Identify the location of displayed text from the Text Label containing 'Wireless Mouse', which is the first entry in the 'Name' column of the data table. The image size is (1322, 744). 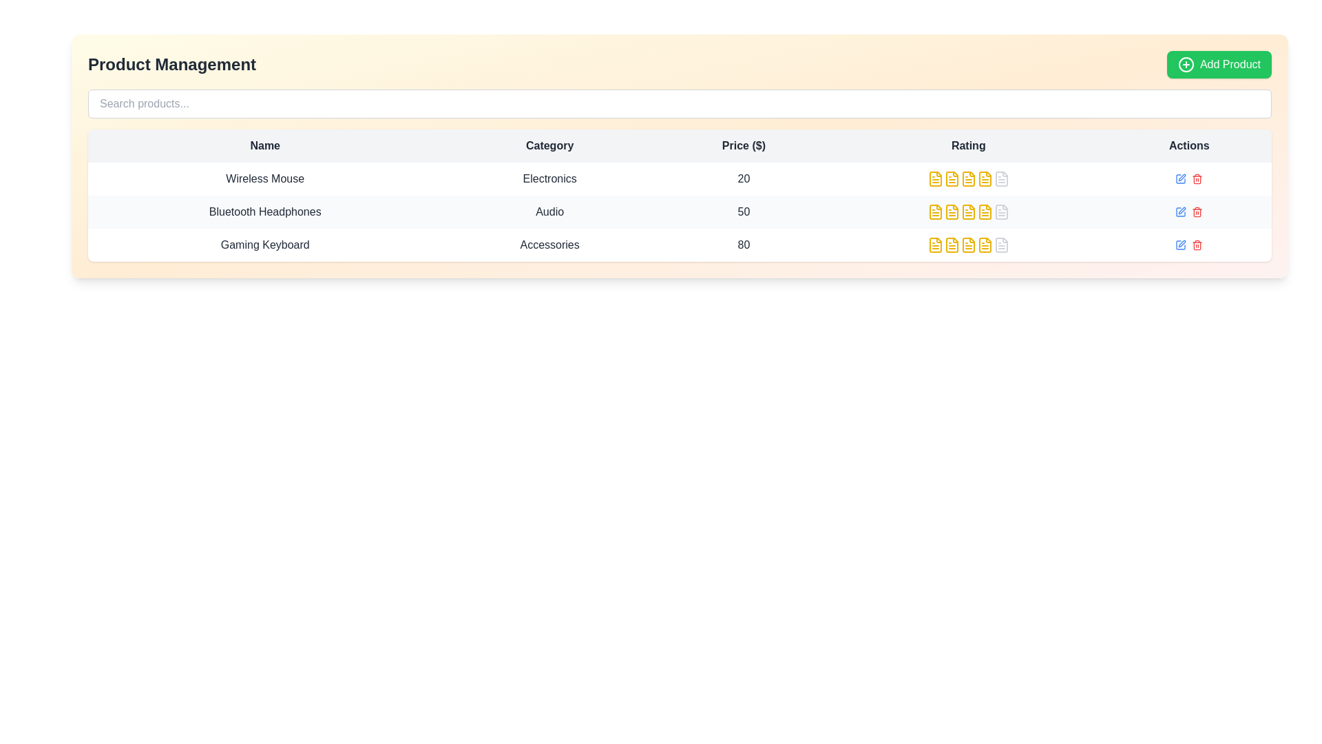
(265, 178).